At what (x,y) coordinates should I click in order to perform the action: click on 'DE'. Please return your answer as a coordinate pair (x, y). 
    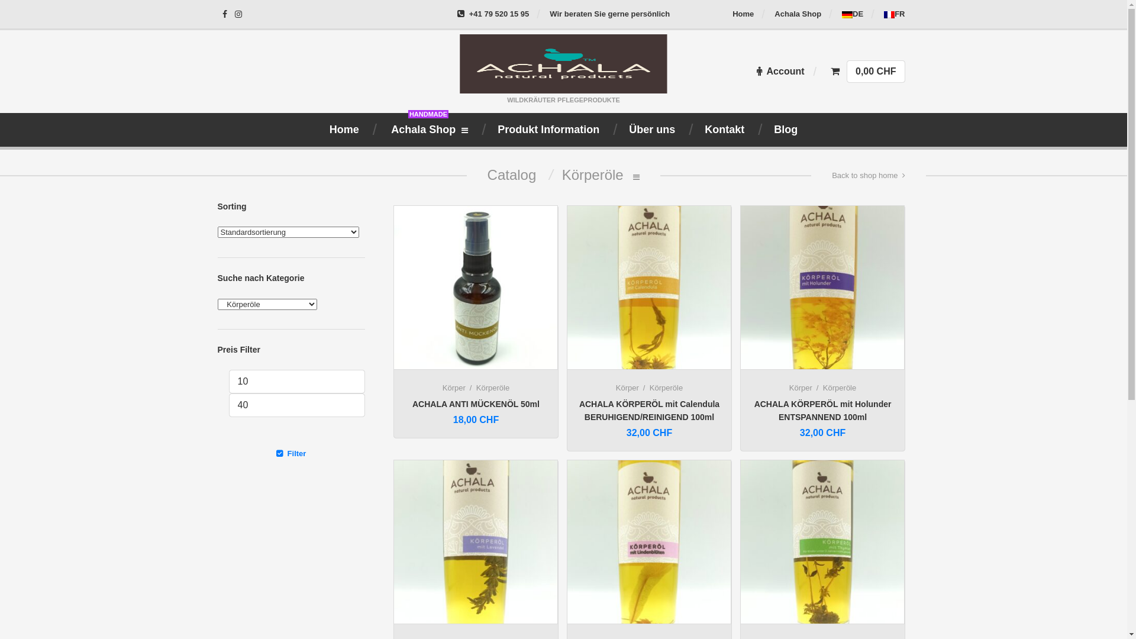
    Looking at the image, I should click on (852, 14).